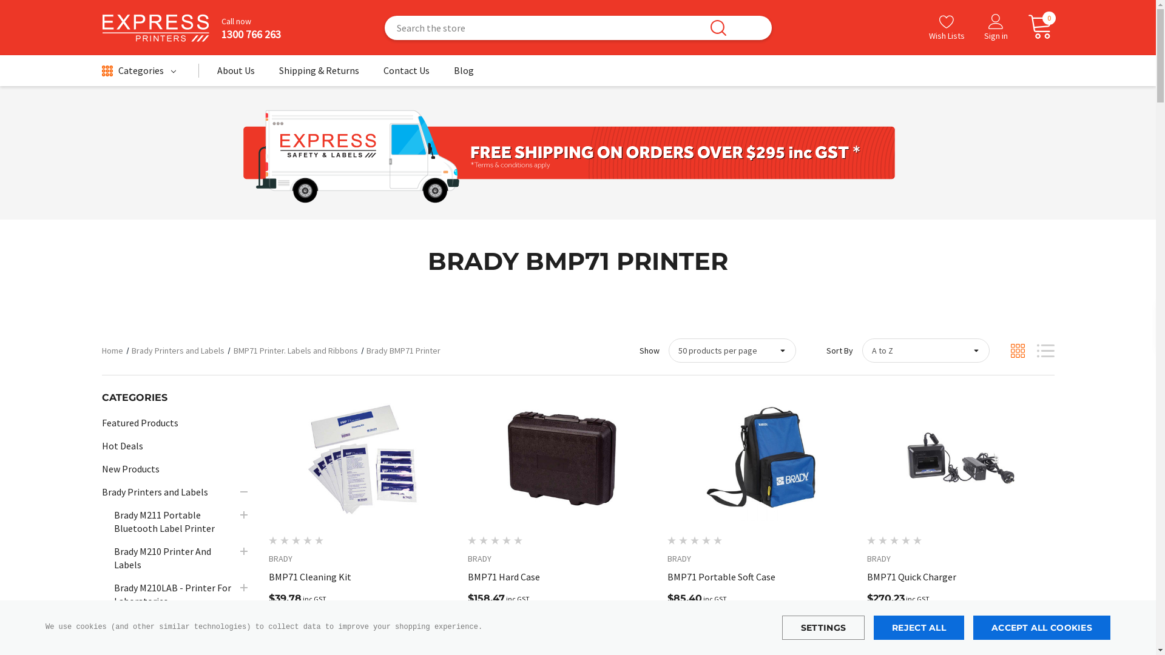 Image resolution: width=1165 pixels, height=655 pixels. What do you see at coordinates (122, 446) in the screenshot?
I see `'Hot Deals'` at bounding box center [122, 446].